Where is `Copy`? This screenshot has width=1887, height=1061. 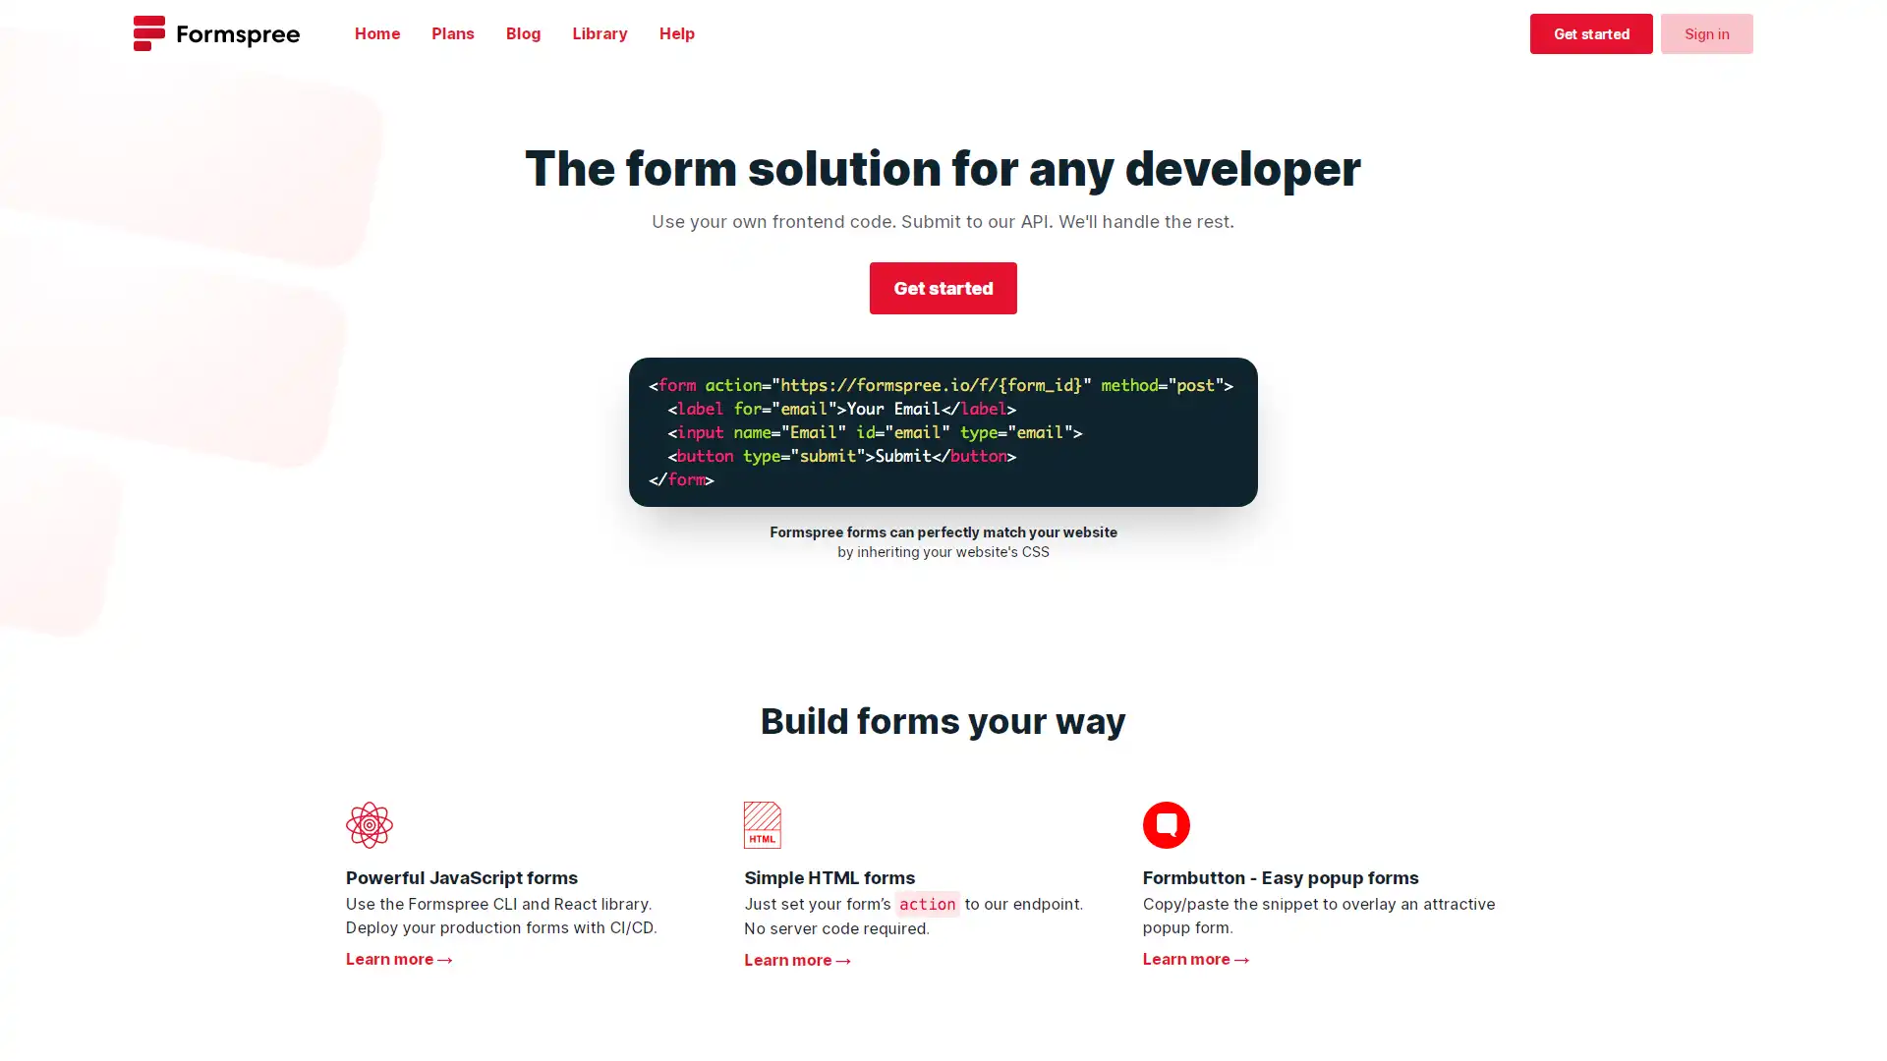 Copy is located at coordinates (1223, 390).